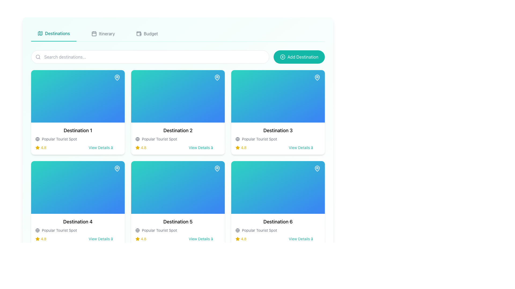  Describe the element at coordinates (237, 139) in the screenshot. I see `the globe icon located to the left of the 'Popular Tourist Spot' text in the 'Destination 3' card` at that location.